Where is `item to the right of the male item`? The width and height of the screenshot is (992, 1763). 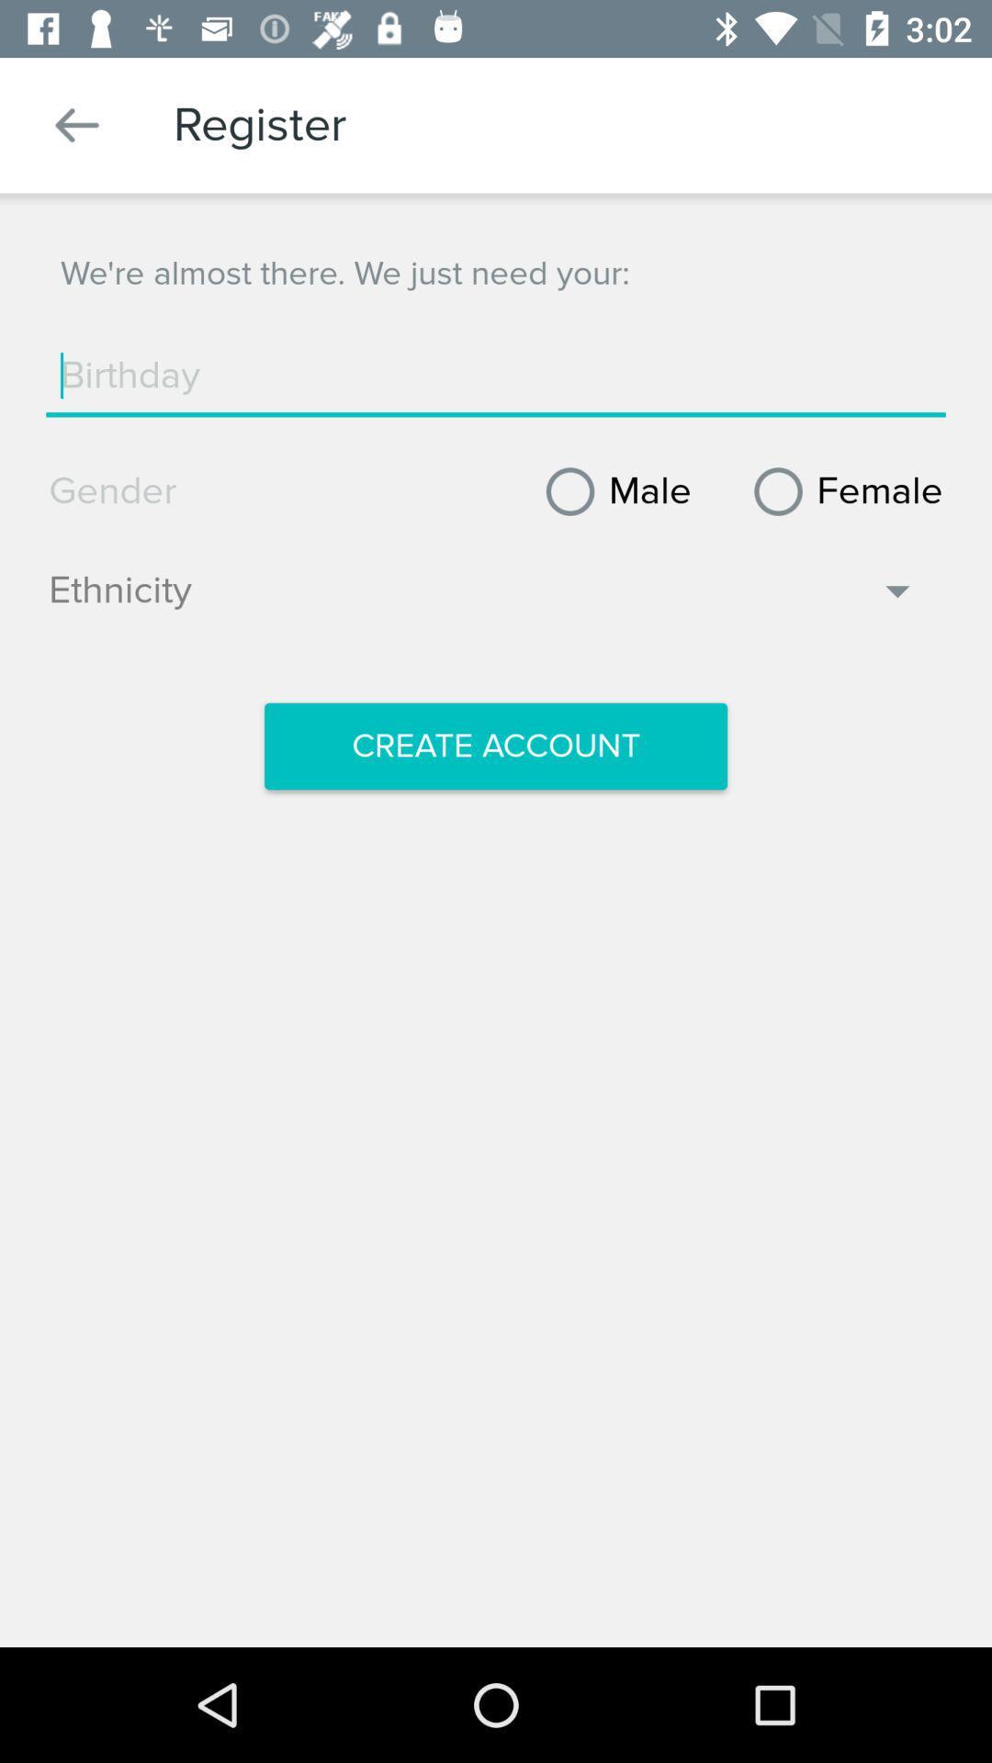 item to the right of the male item is located at coordinates (841, 491).